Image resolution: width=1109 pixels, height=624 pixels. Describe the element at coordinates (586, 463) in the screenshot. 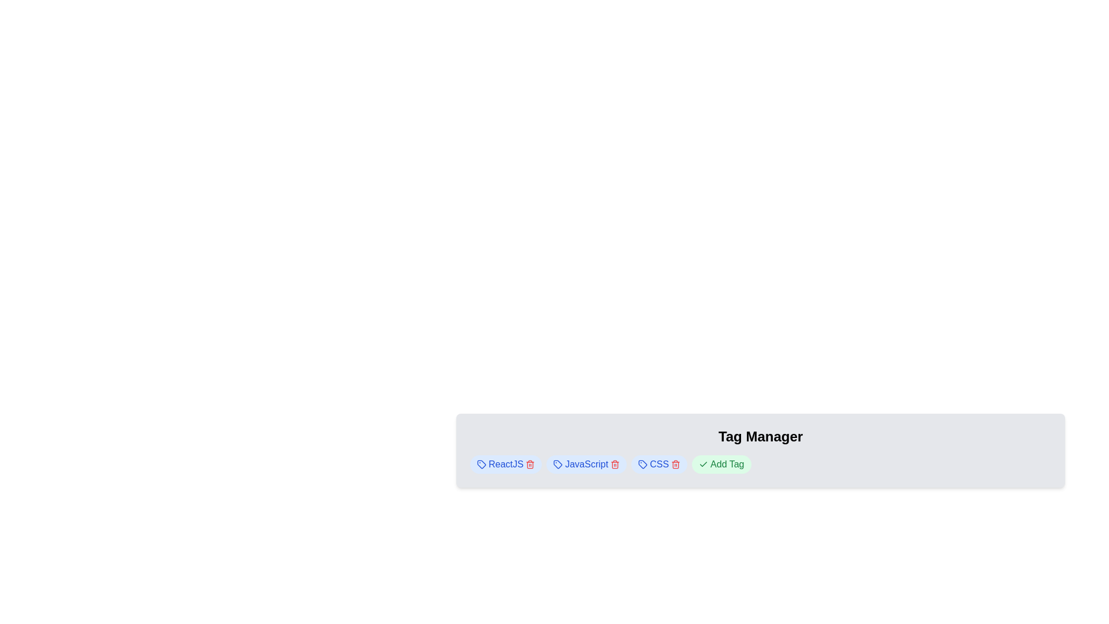

I see `the label displaying 'JavaScript' in blue color, which is styled as a tag or badge and is the second element in a horizontal list of tags` at that location.